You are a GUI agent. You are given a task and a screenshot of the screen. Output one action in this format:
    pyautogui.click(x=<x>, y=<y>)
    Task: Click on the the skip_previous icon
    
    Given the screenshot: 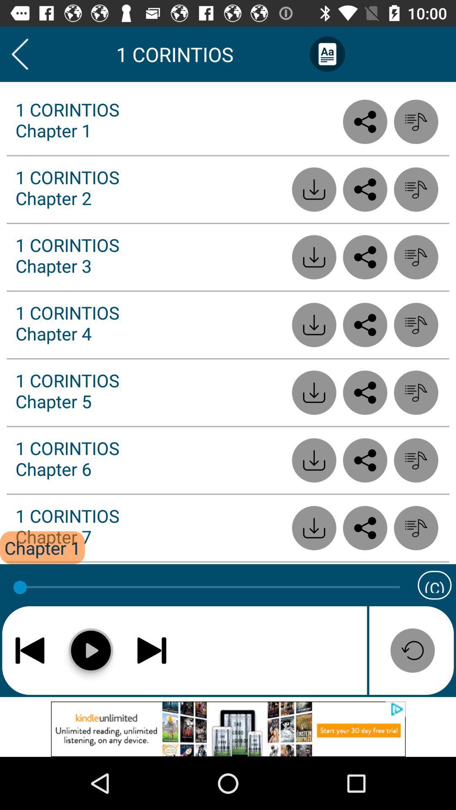 What is the action you would take?
    pyautogui.click(x=29, y=650)
    